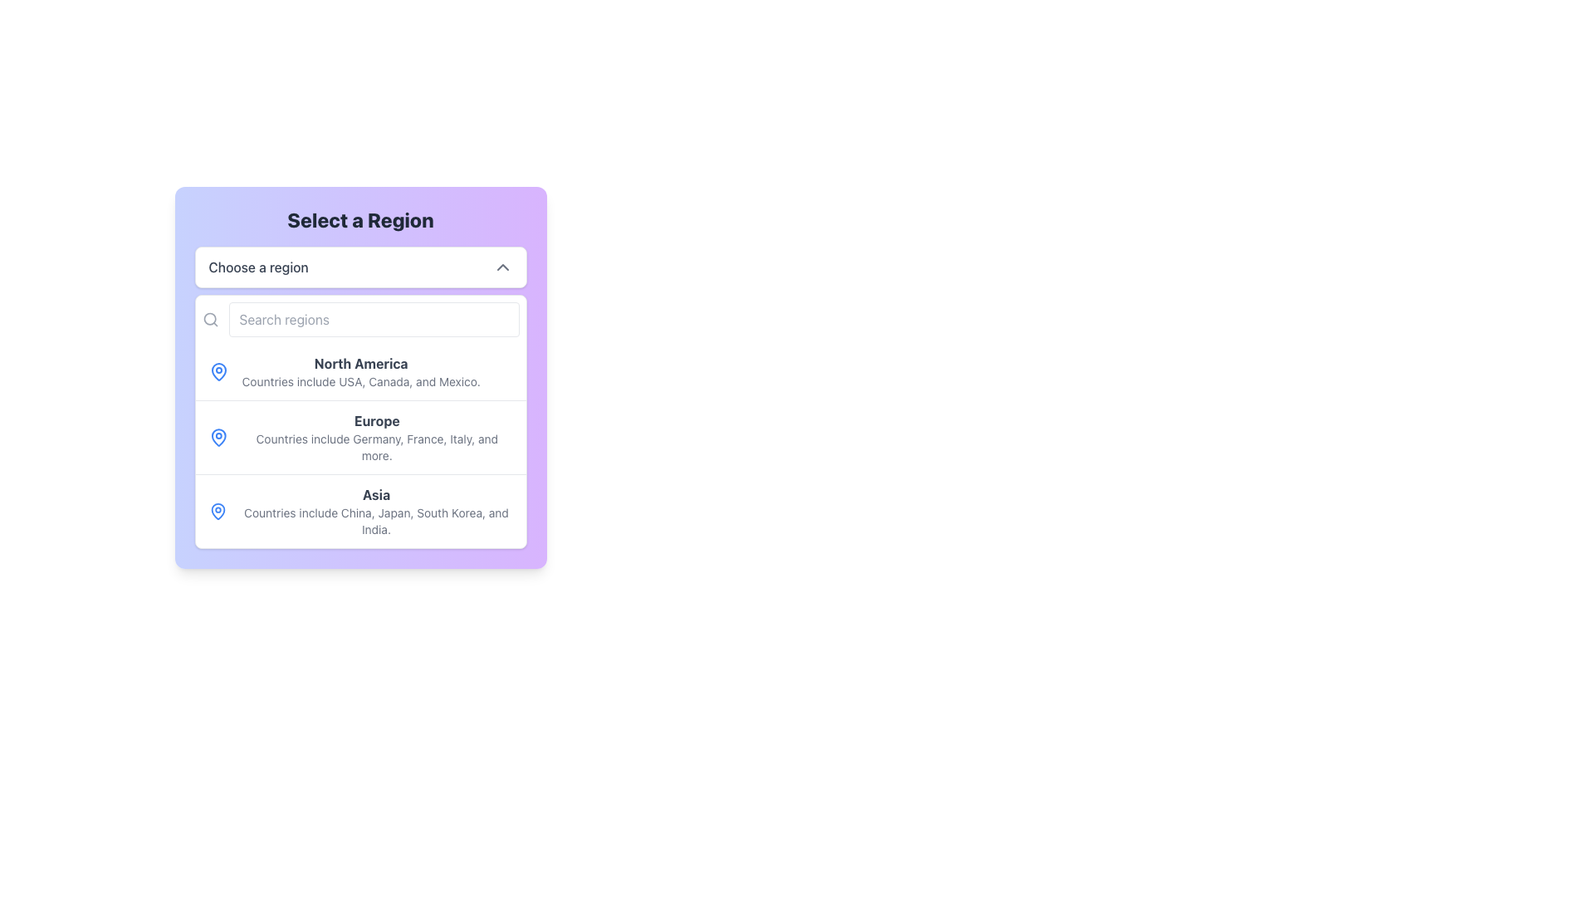 The width and height of the screenshot is (1594, 897). What do you see at coordinates (209, 320) in the screenshot?
I see `the search feature icon located to the left of the 'Search regions' text input field` at bounding box center [209, 320].